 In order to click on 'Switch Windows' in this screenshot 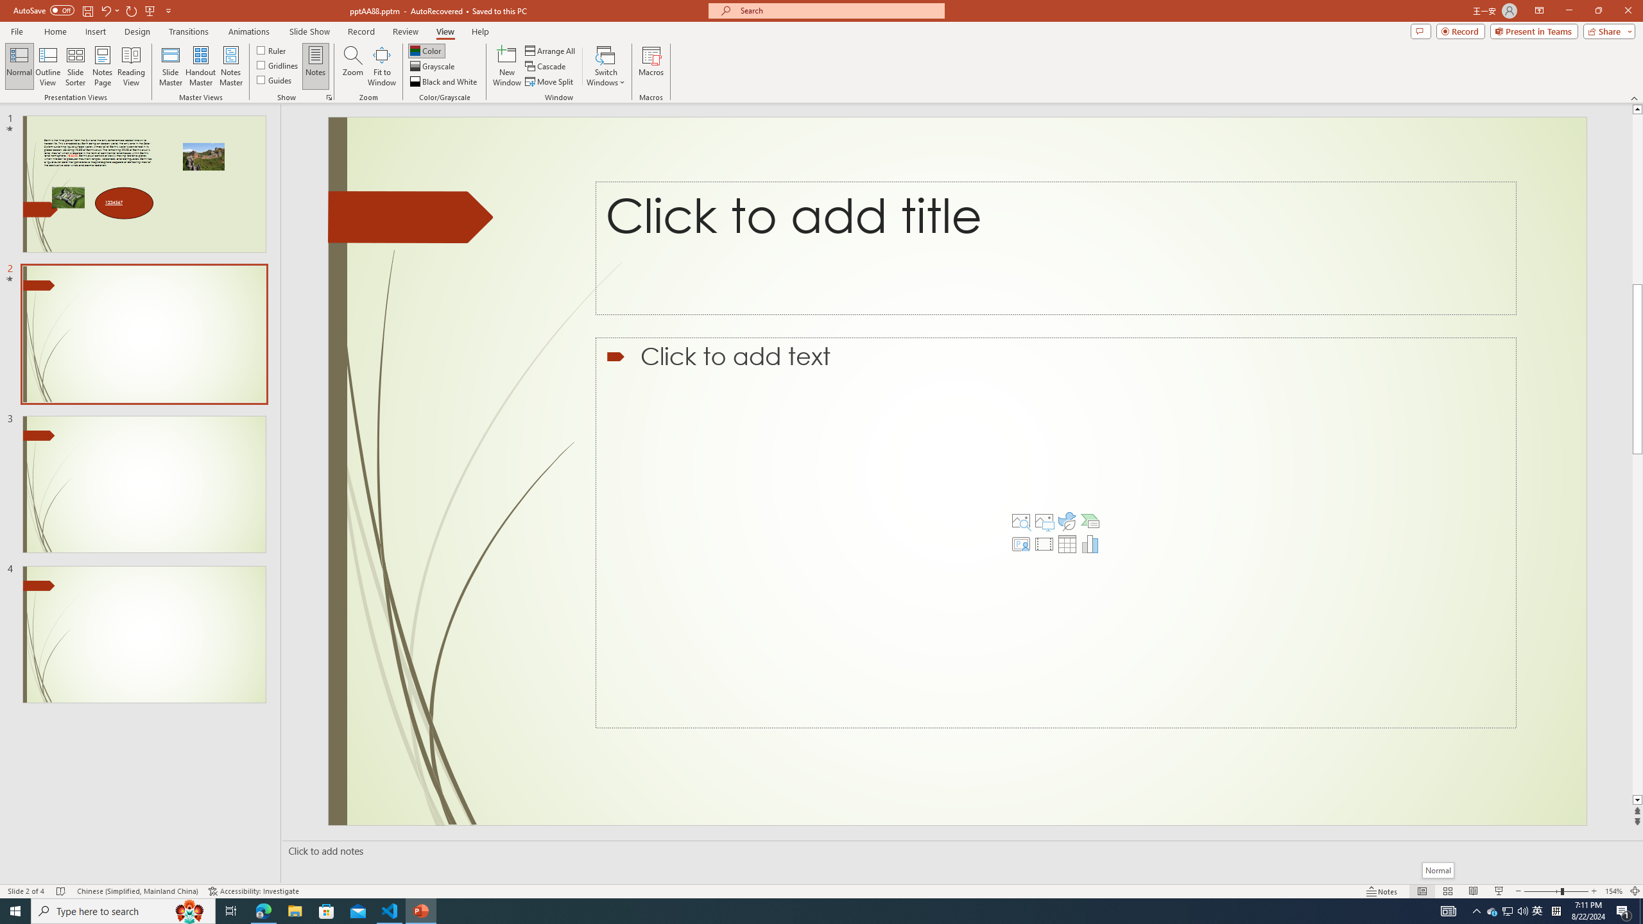, I will do `click(605, 66)`.